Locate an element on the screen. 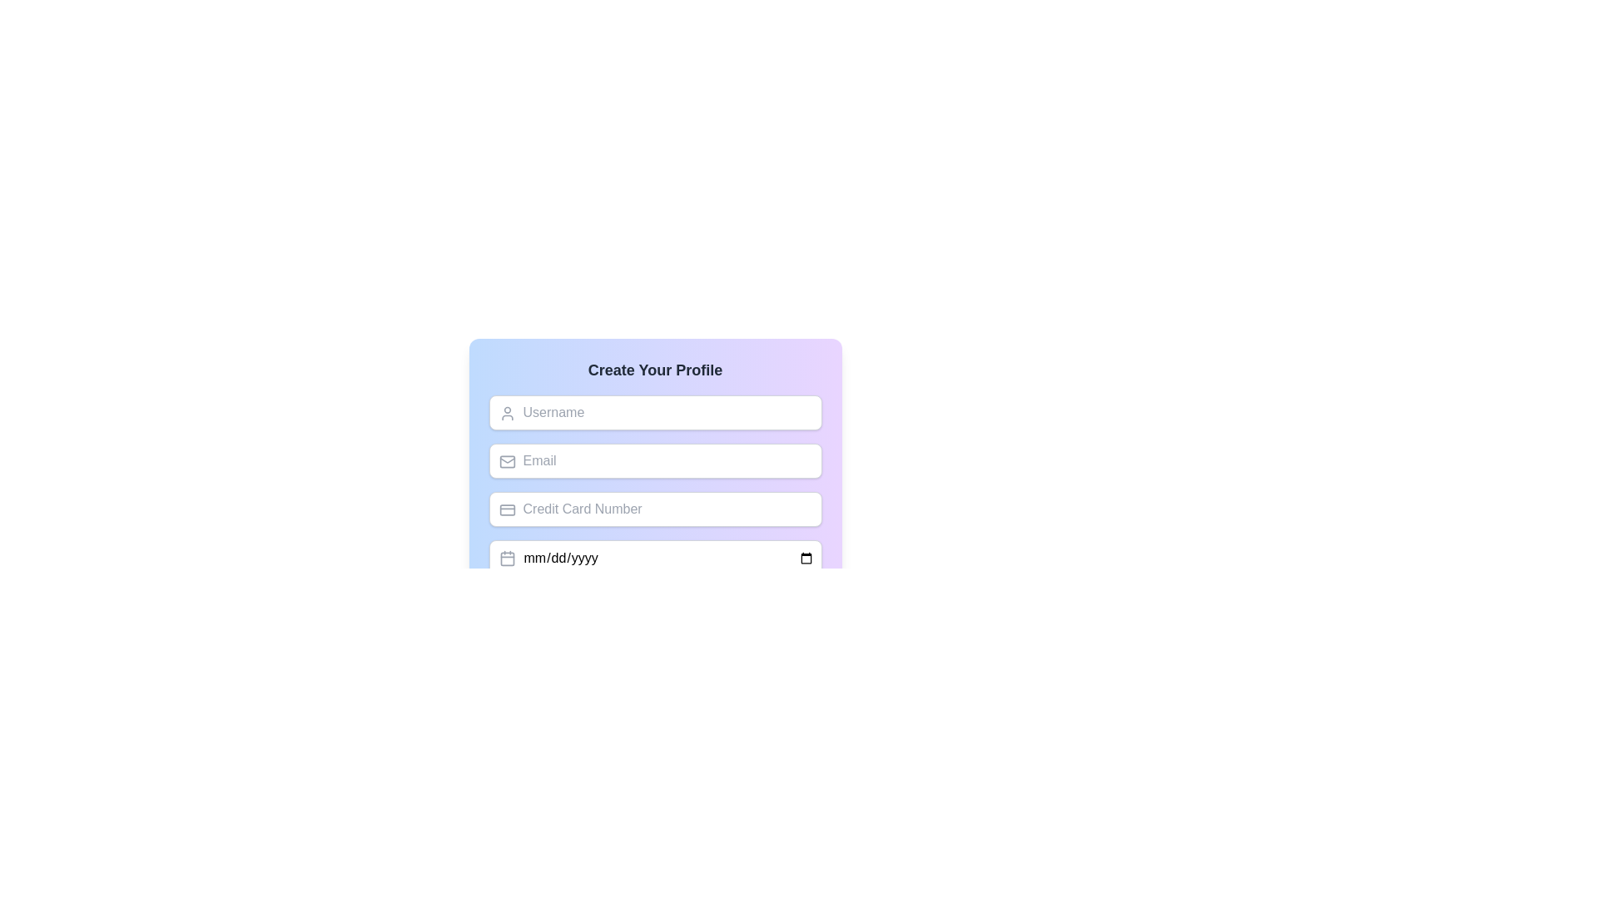 Image resolution: width=1598 pixels, height=899 pixels. the username indicator icon located on the left side of the 'Username' text input field, which signifies that the field is for entering a username is located at coordinates (506, 413).